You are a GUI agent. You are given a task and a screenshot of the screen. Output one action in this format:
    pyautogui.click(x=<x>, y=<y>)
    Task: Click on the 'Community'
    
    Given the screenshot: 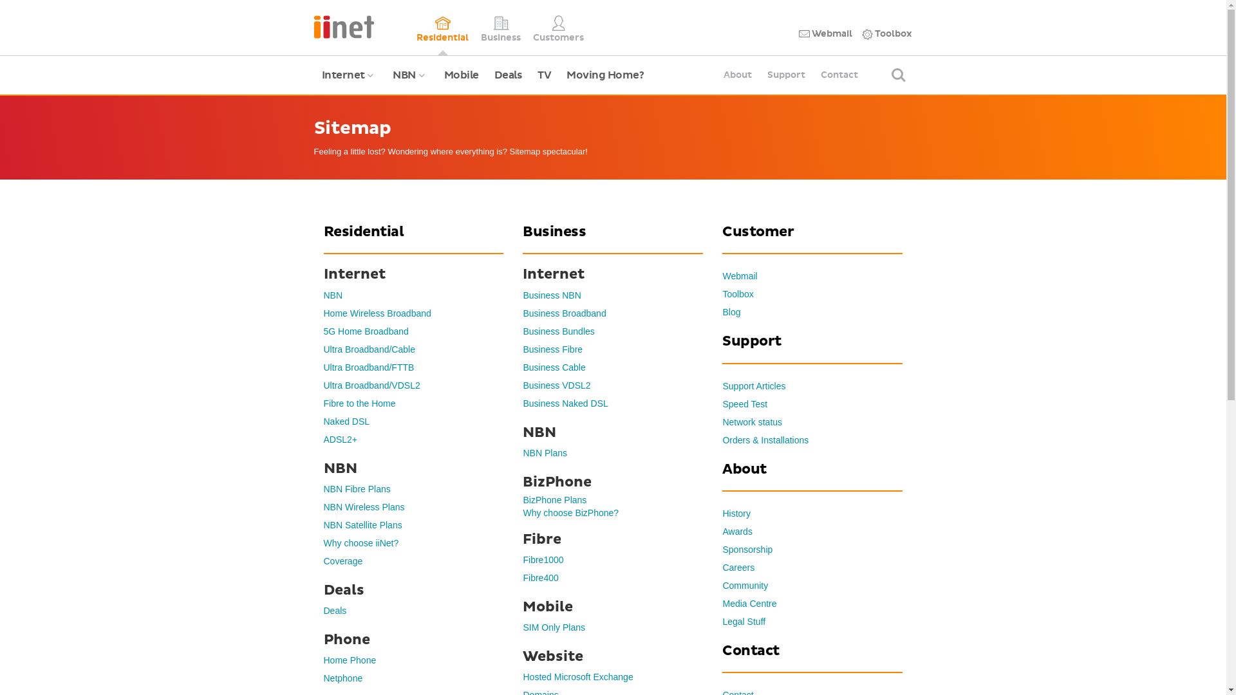 What is the action you would take?
    pyautogui.click(x=745, y=586)
    